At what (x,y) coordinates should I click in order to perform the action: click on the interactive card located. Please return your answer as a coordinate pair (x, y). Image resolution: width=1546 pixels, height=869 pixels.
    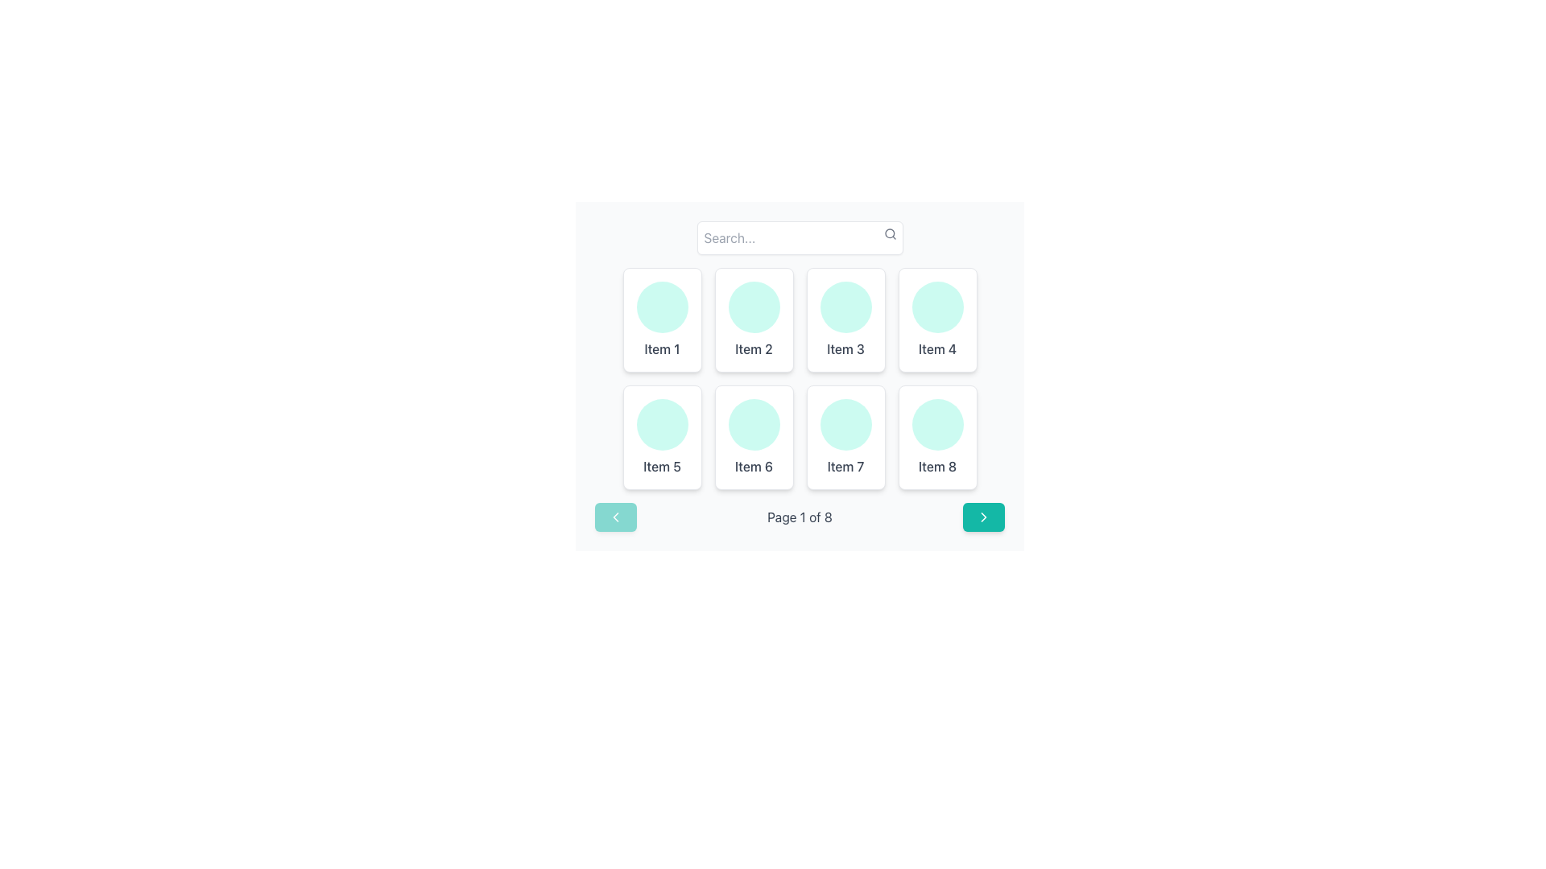
    Looking at the image, I should click on (662, 437).